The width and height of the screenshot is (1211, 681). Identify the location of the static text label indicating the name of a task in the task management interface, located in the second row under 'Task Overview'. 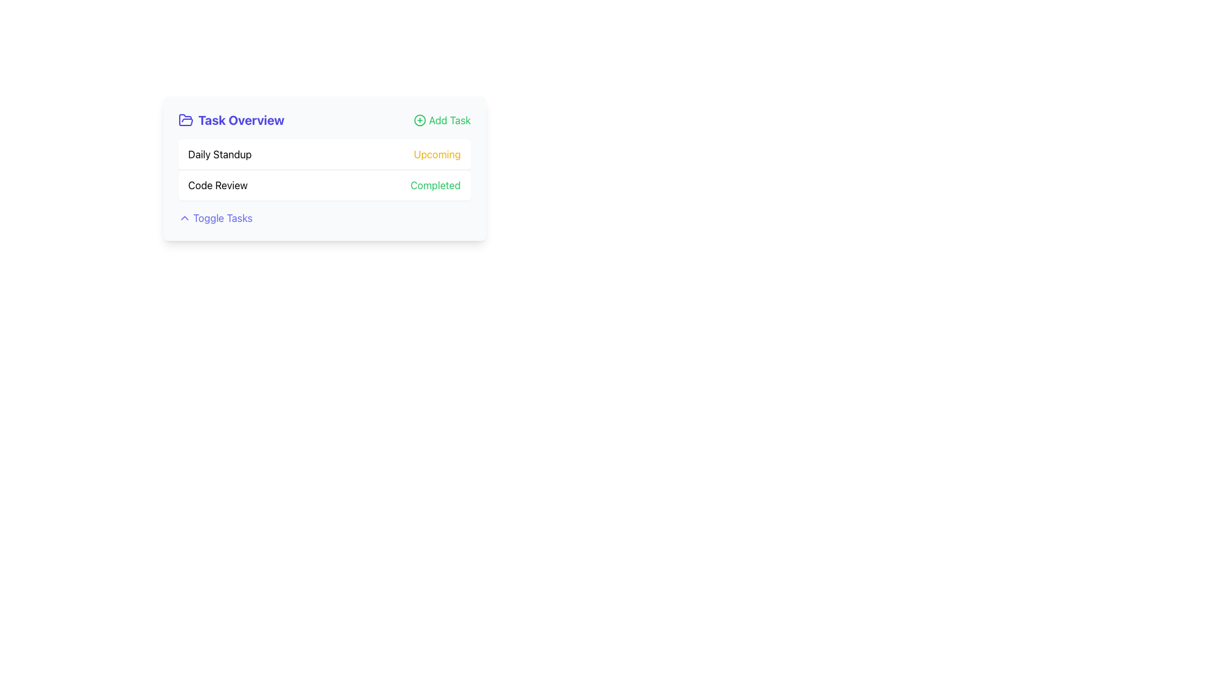
(218, 185).